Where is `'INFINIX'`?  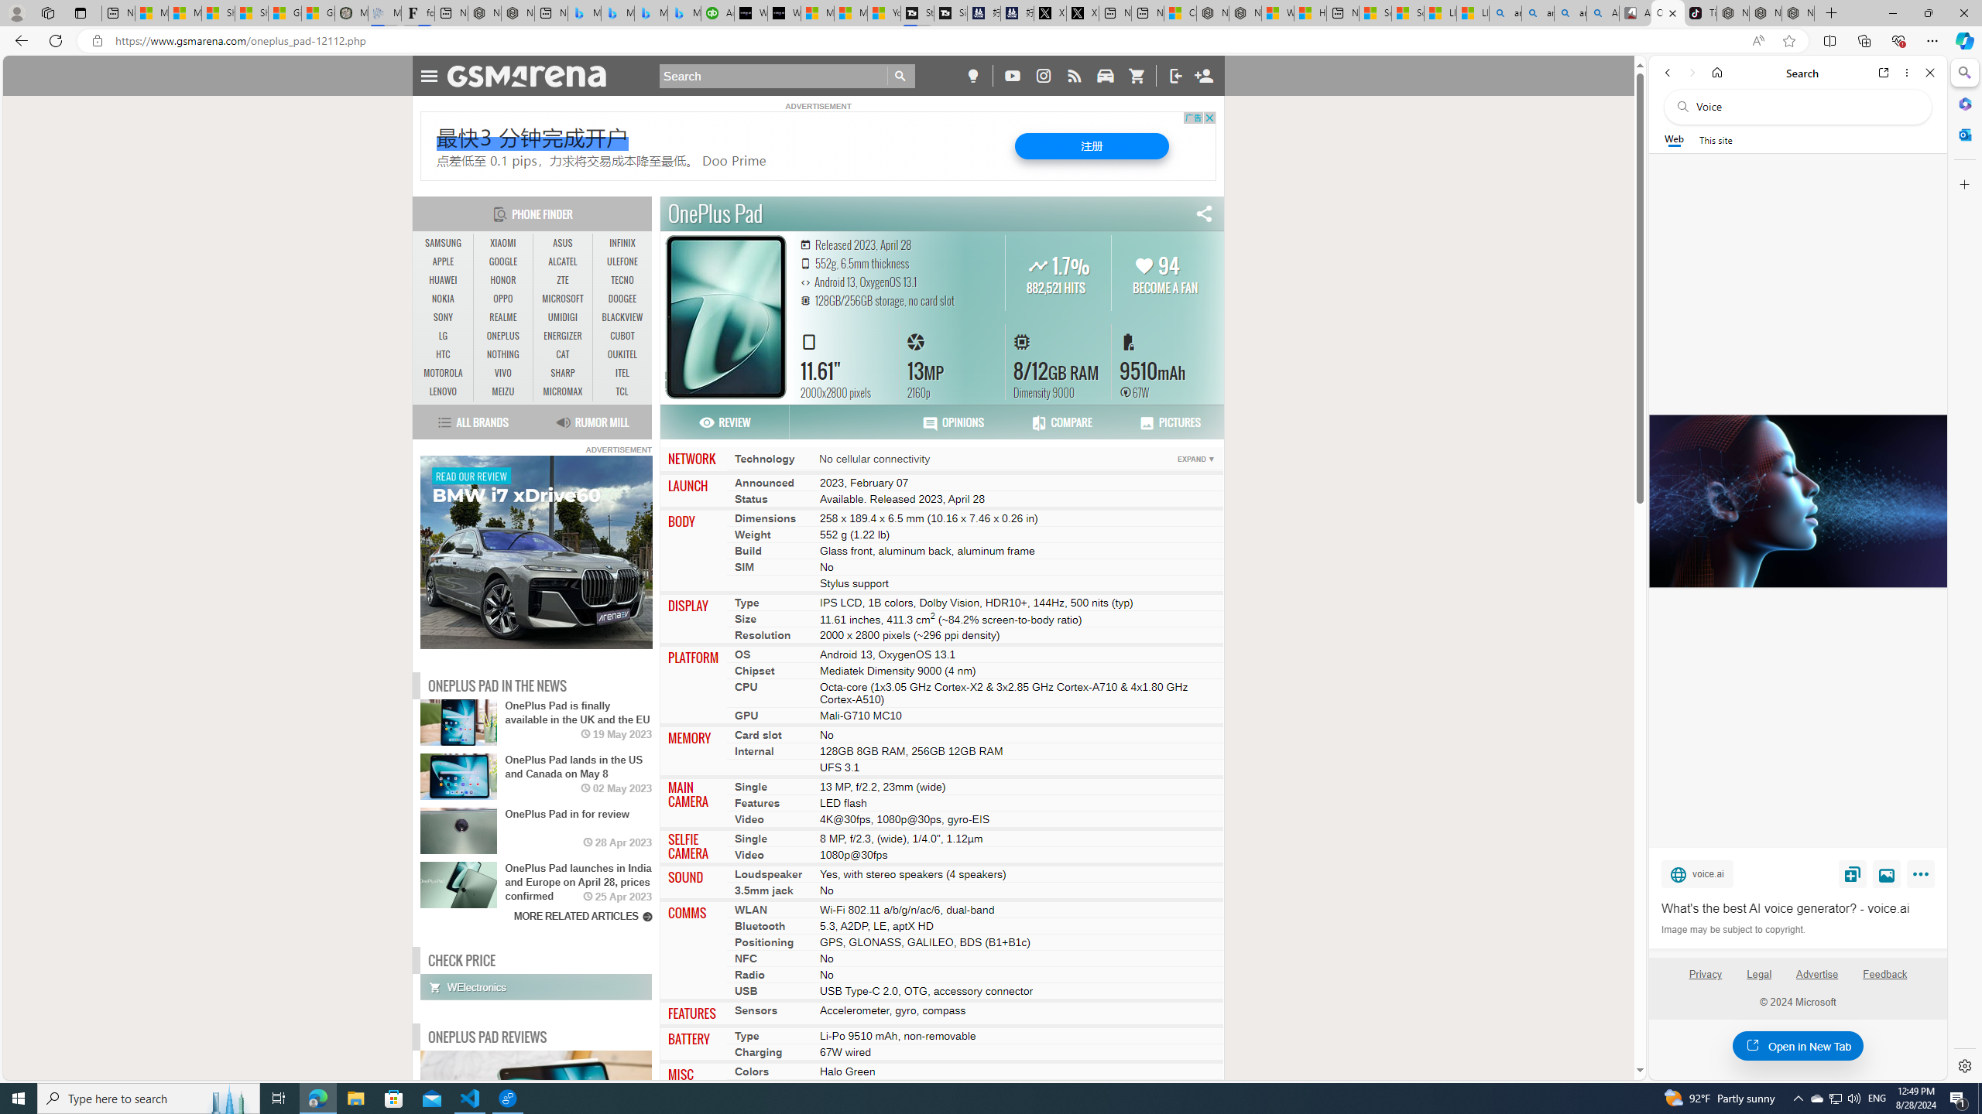
'INFINIX' is located at coordinates (622, 243).